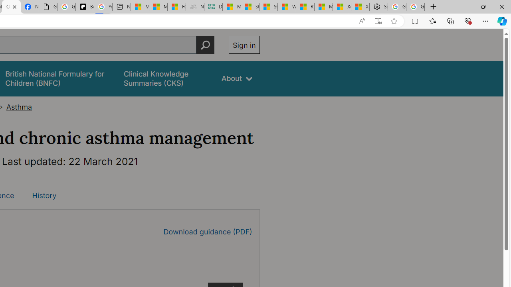 The width and height of the screenshot is (511, 287). What do you see at coordinates (236, 79) in the screenshot?
I see `'About'` at bounding box center [236, 79].